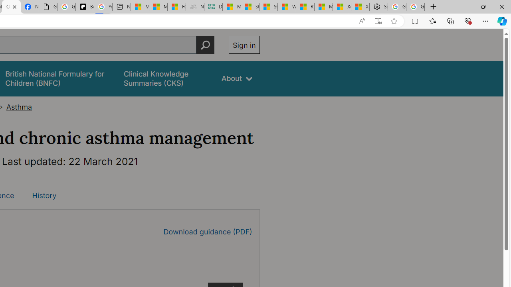 The width and height of the screenshot is (511, 287). What do you see at coordinates (236, 79) in the screenshot?
I see `'About'` at bounding box center [236, 79].